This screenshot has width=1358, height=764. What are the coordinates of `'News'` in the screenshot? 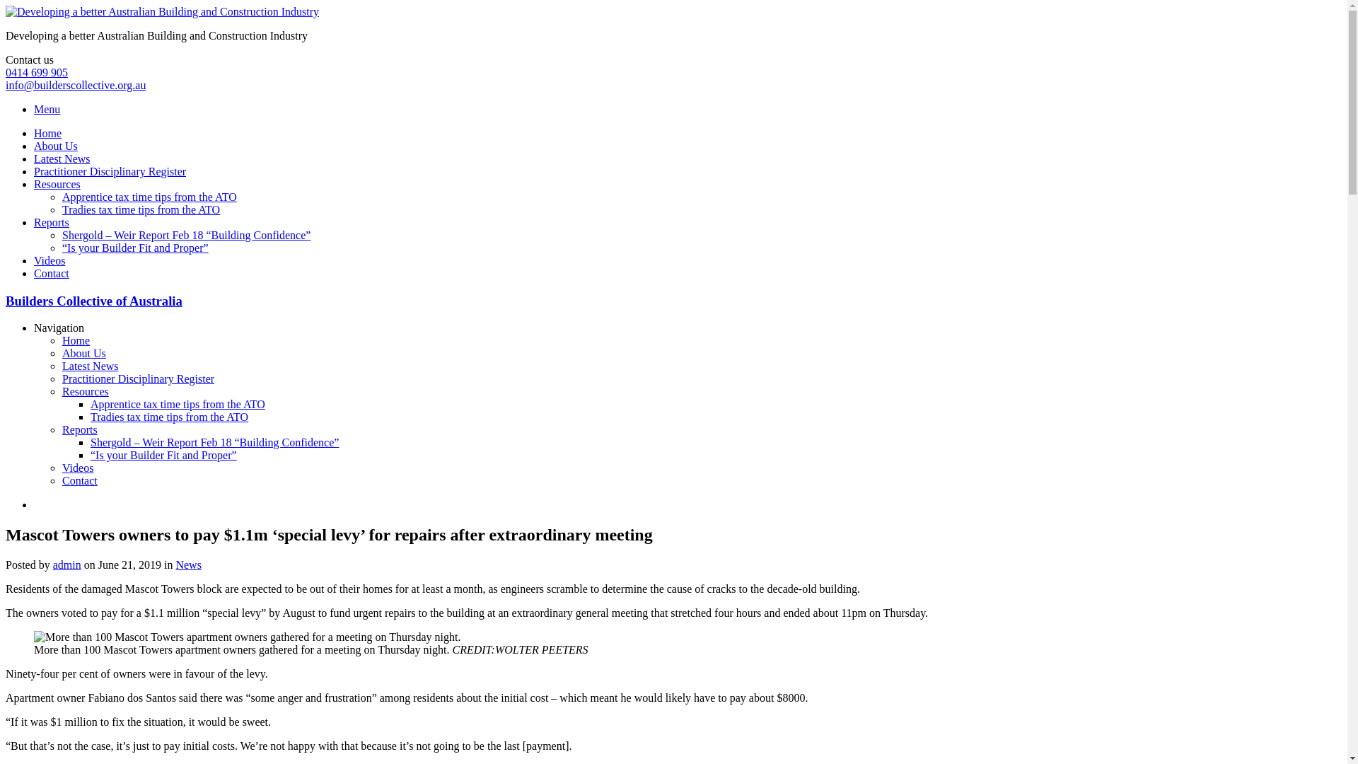 It's located at (175, 564).